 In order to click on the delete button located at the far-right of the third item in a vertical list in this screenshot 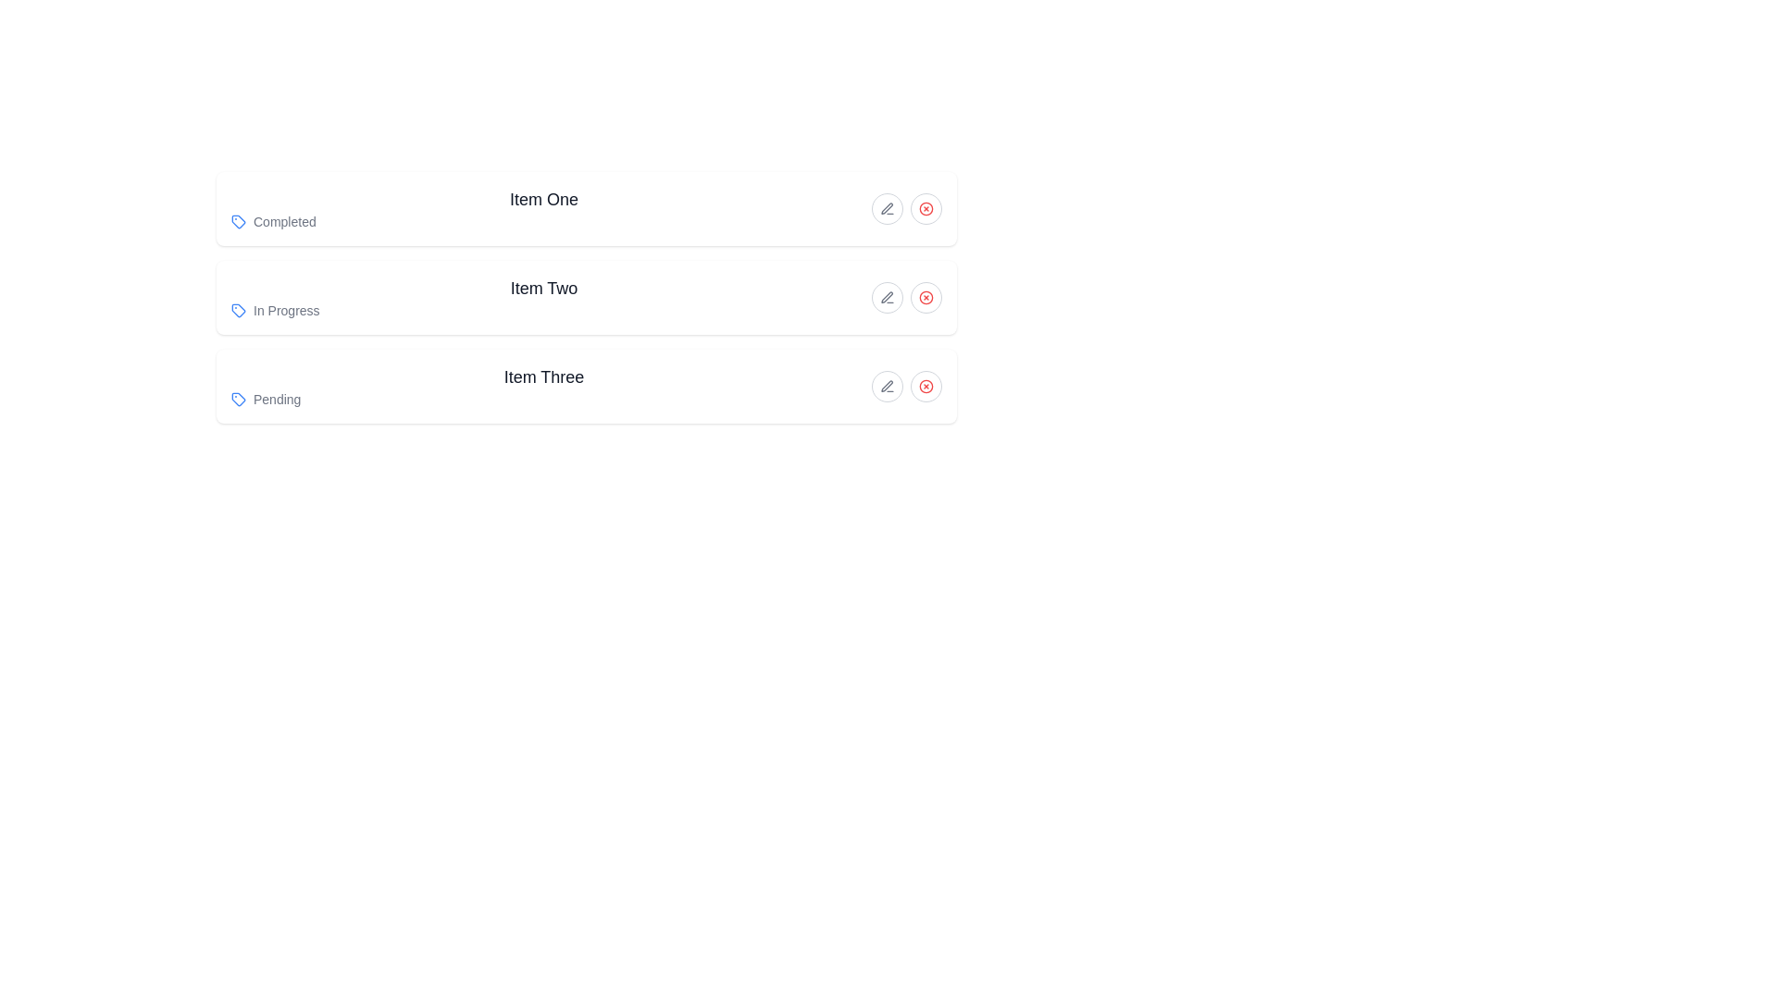, I will do `click(926, 385)`.